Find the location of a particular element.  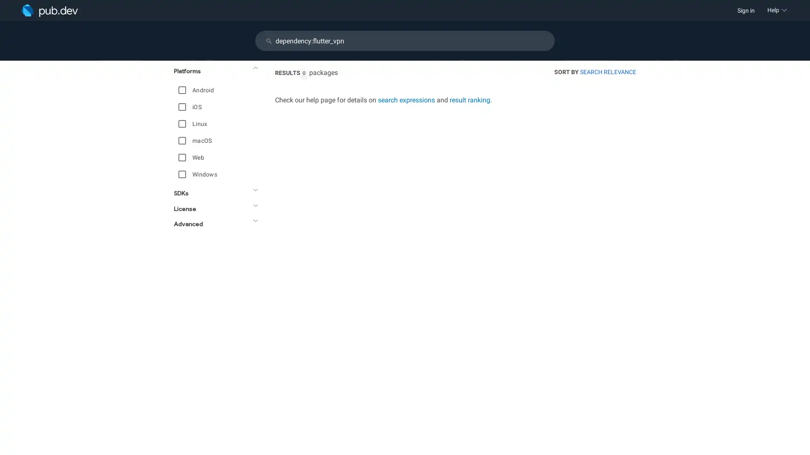

search is located at coordinates (268, 40).